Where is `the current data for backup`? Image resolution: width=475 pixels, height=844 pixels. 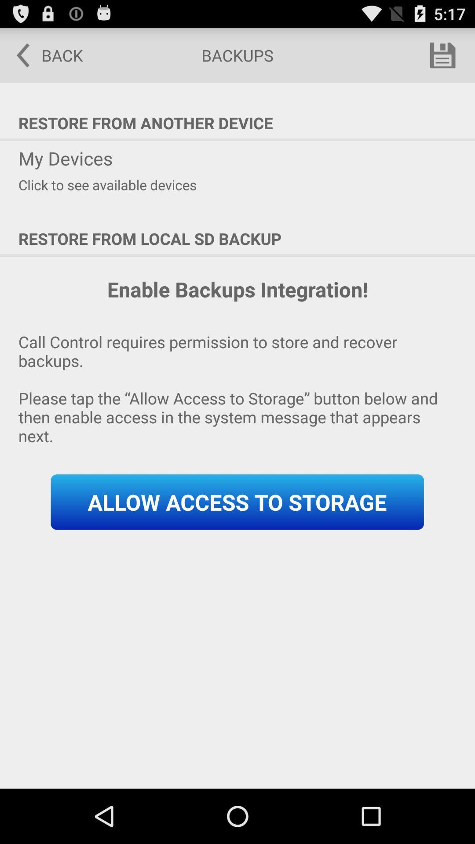 the current data for backup is located at coordinates (442, 55).